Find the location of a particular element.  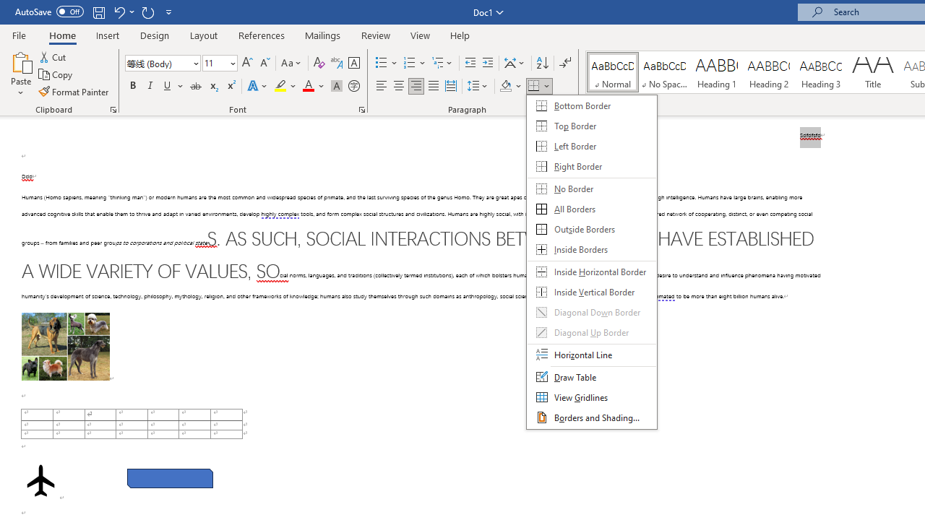

'Multilevel List' is located at coordinates (442, 62).